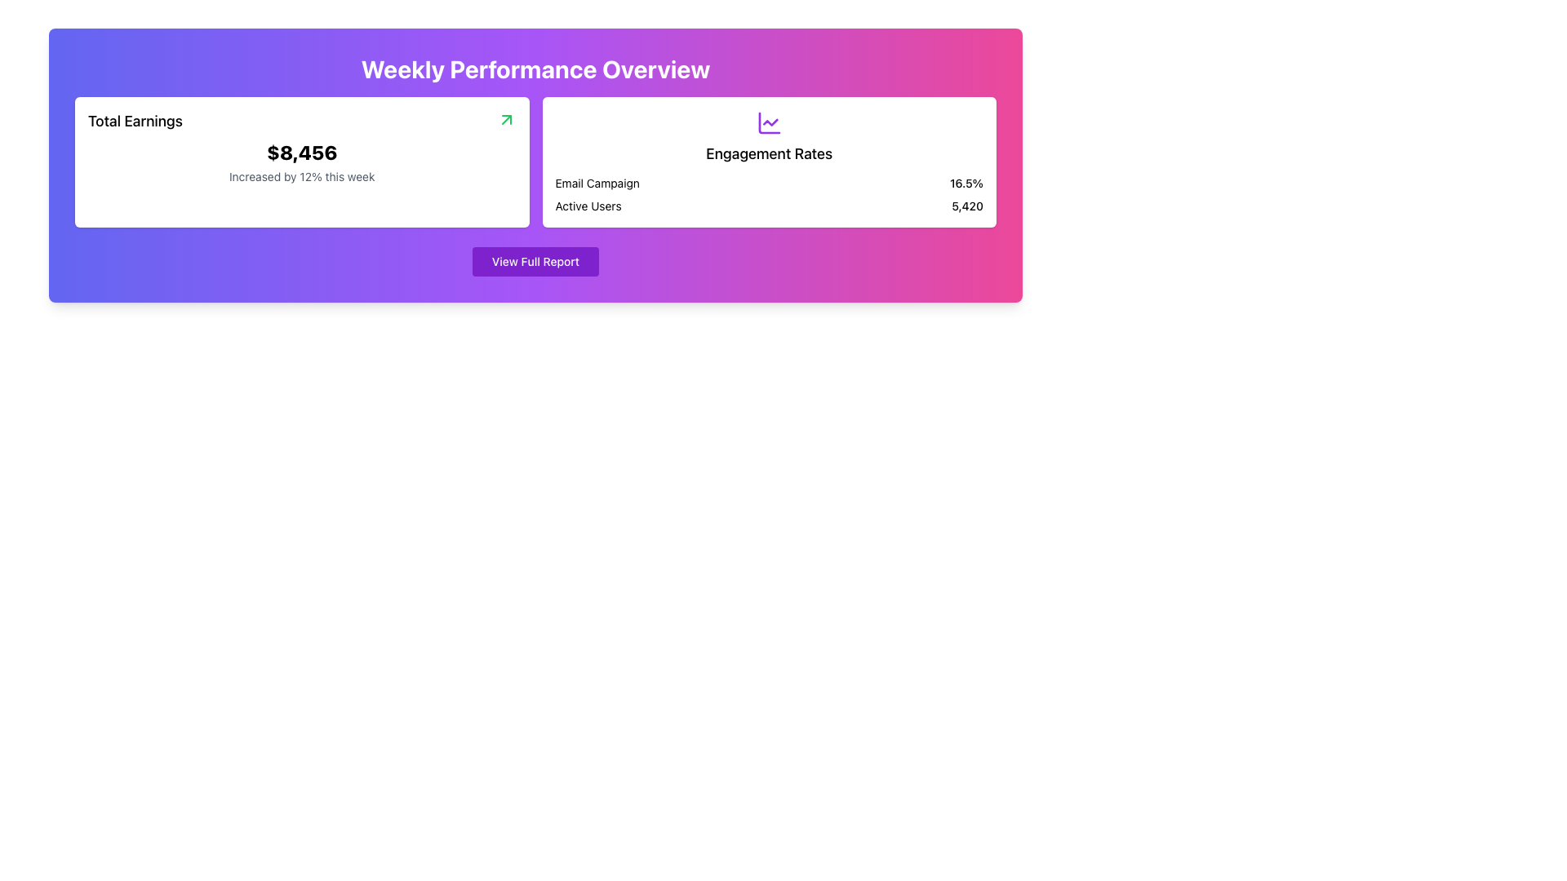  Describe the element at coordinates (967, 206) in the screenshot. I see `the static text label displaying the number '5,420' located in the lower-right corner of the engagement rates card, positioned closely to 'Active Users'` at that location.